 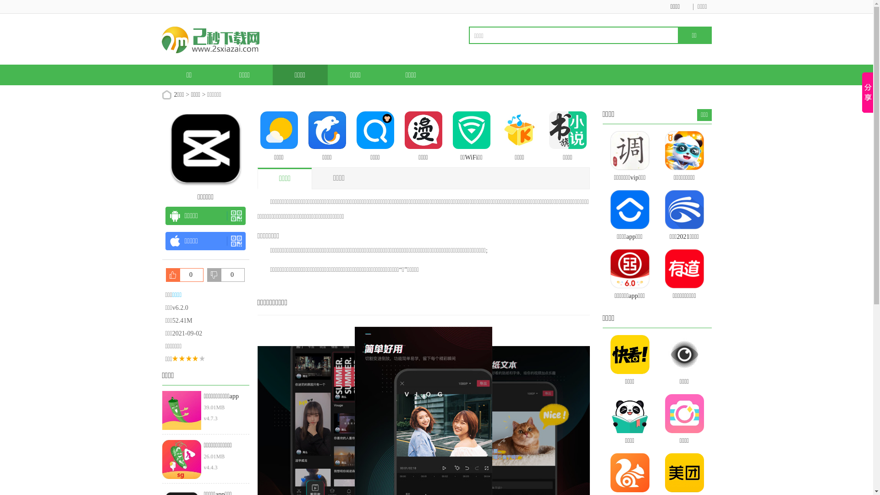 What do you see at coordinates (184, 275) in the screenshot?
I see `'0'` at bounding box center [184, 275].